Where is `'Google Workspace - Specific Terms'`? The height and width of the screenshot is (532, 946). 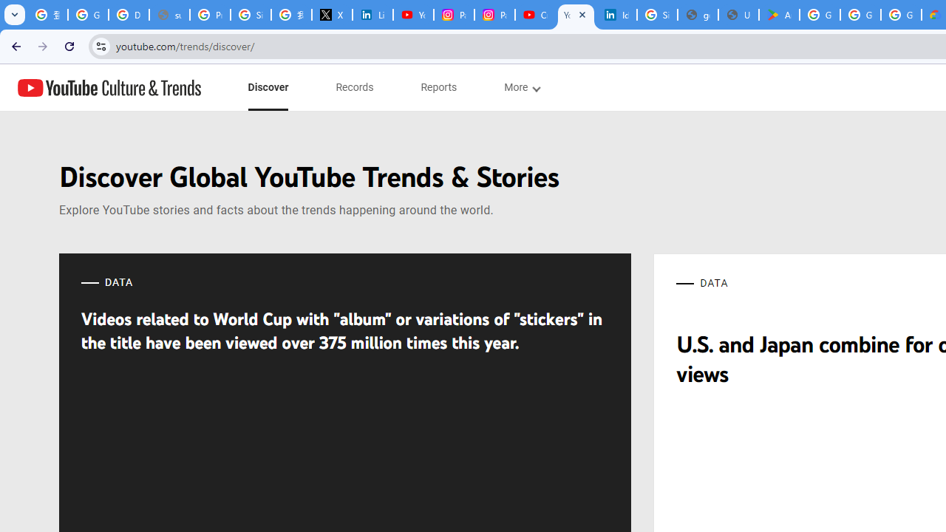 'Google Workspace - Specific Terms' is located at coordinates (860, 15).